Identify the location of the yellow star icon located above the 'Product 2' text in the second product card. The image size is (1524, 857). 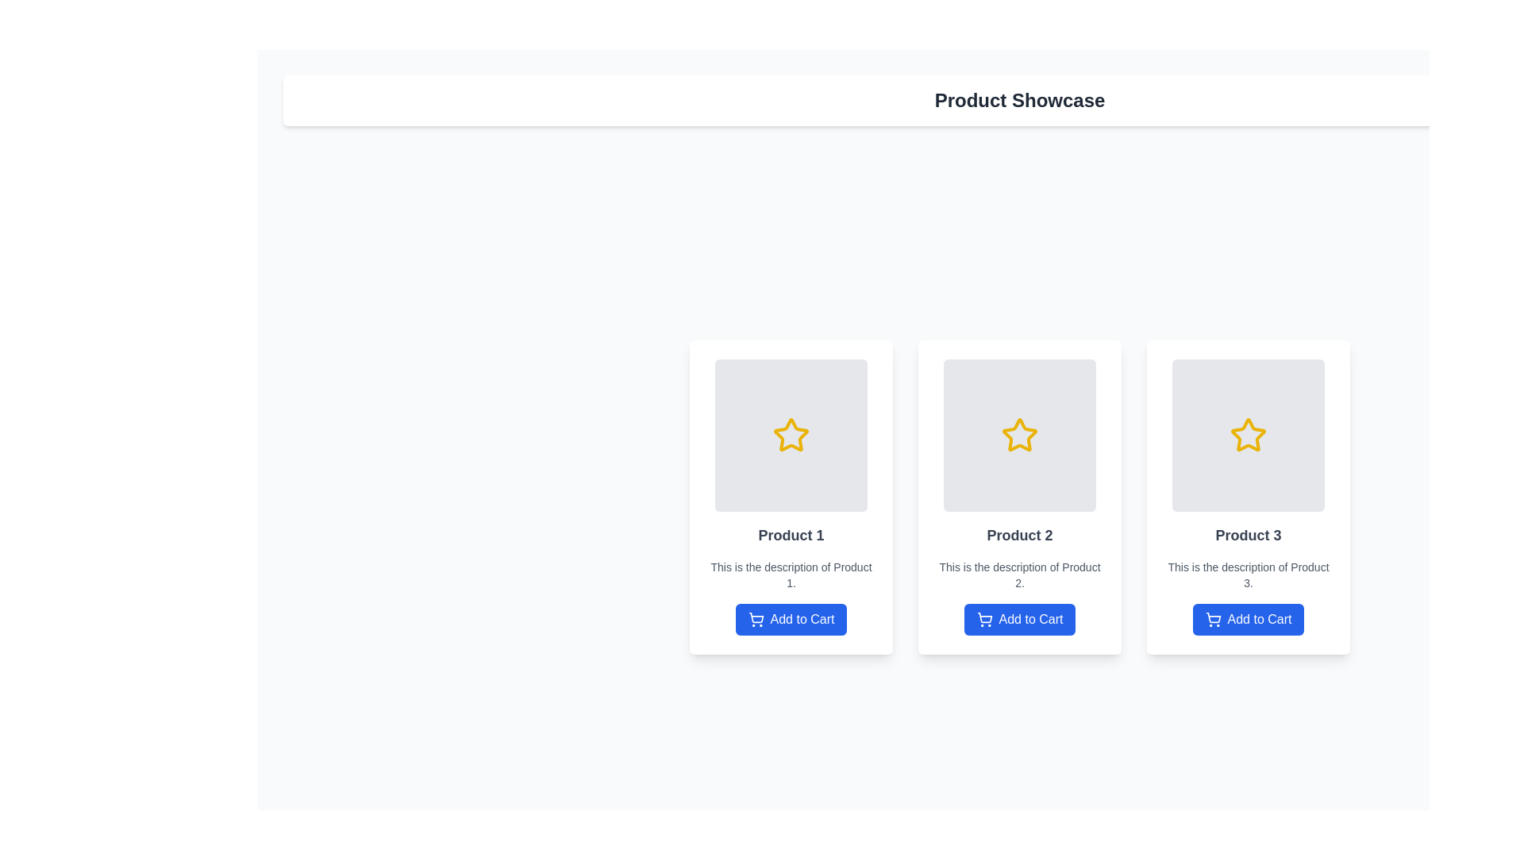
(1020, 435).